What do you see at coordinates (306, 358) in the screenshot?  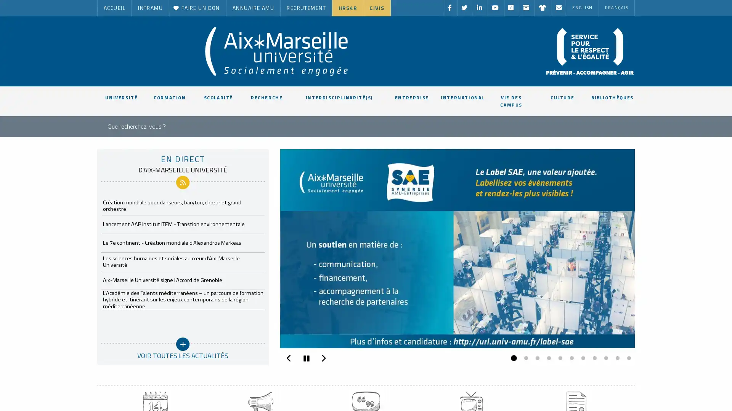 I see `Pause` at bounding box center [306, 358].